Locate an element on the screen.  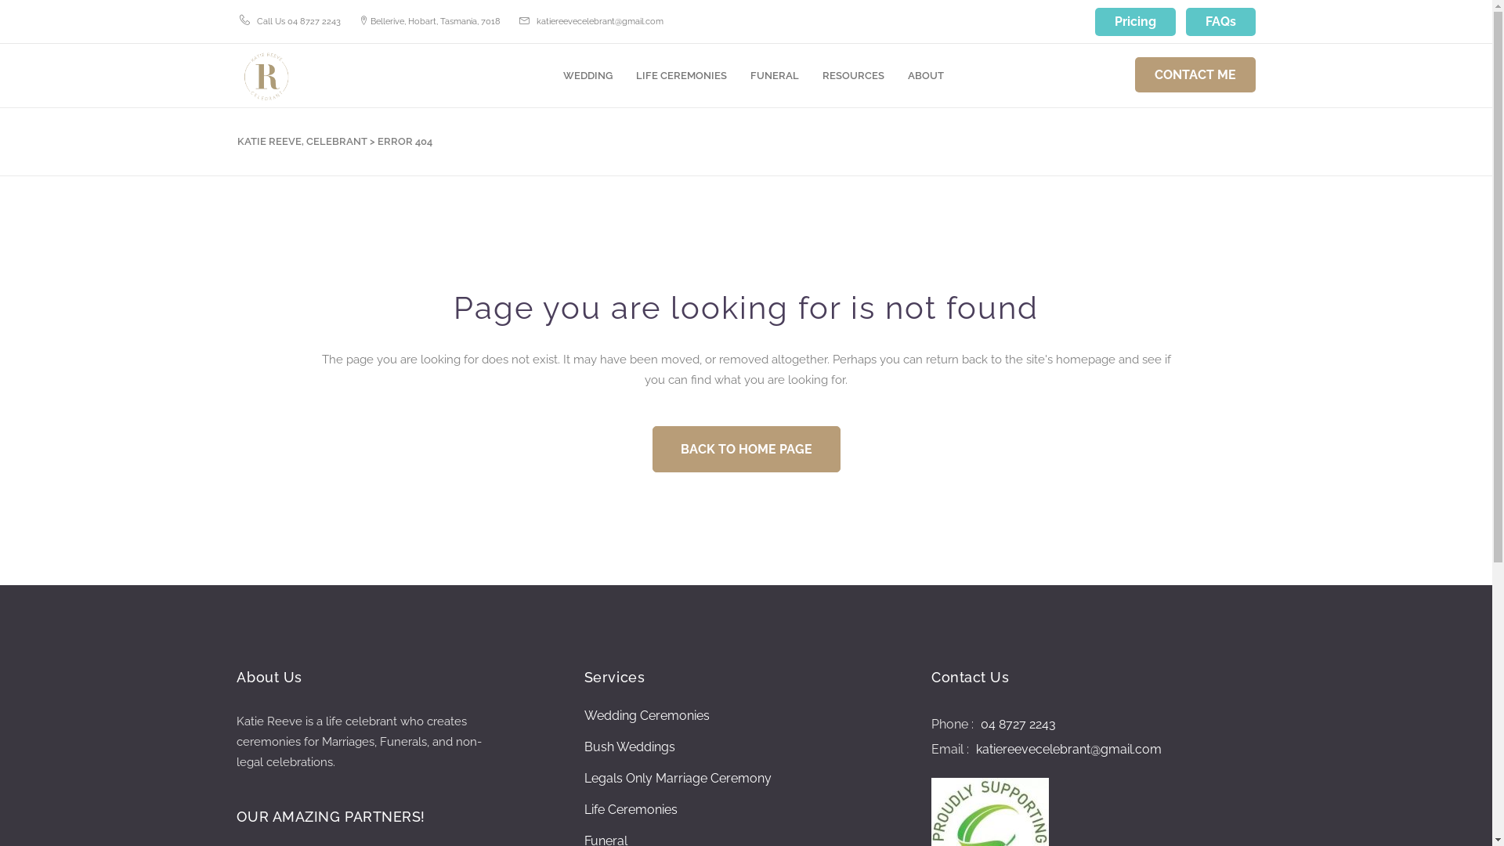
'FUNERAL' is located at coordinates (737, 75).